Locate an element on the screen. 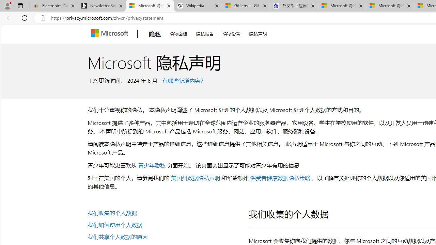 The height and width of the screenshot is (245, 436). 'Microsoft' is located at coordinates (111, 34).